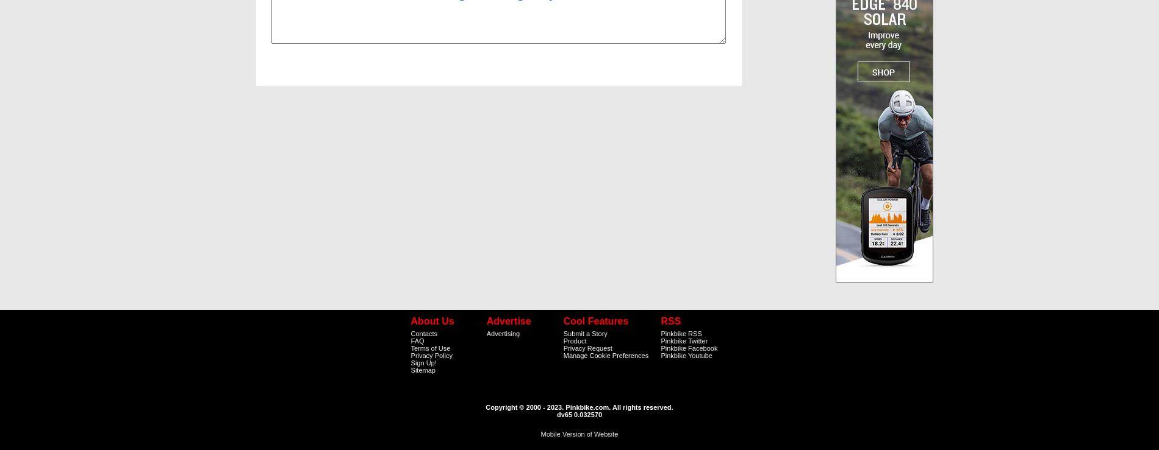 Image resolution: width=1159 pixels, height=450 pixels. What do you see at coordinates (584, 332) in the screenshot?
I see `'Submit a Story'` at bounding box center [584, 332].